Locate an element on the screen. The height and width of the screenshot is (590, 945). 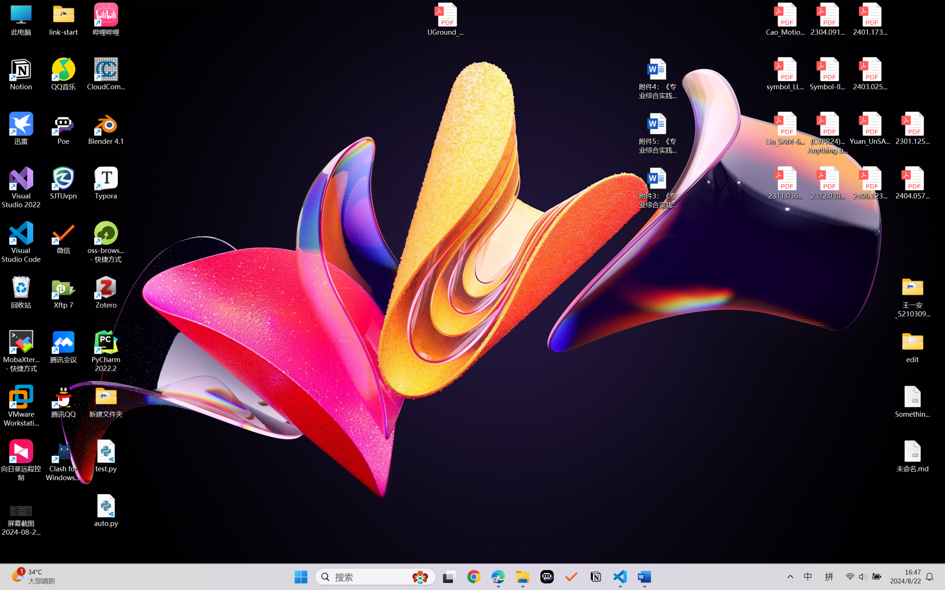
'Google Chrome' is located at coordinates (474, 577).